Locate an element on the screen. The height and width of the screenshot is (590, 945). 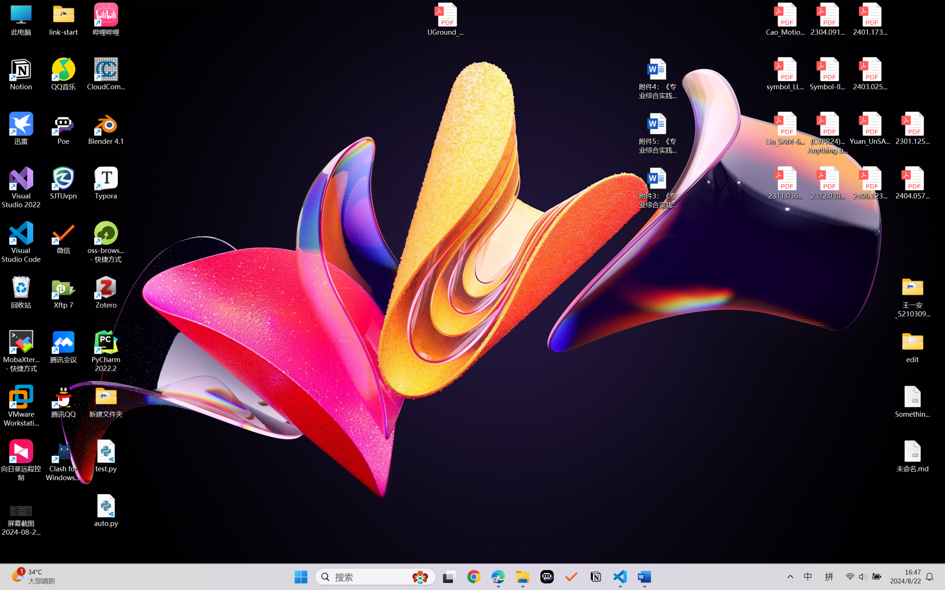
'Google Chrome' is located at coordinates (474, 577).